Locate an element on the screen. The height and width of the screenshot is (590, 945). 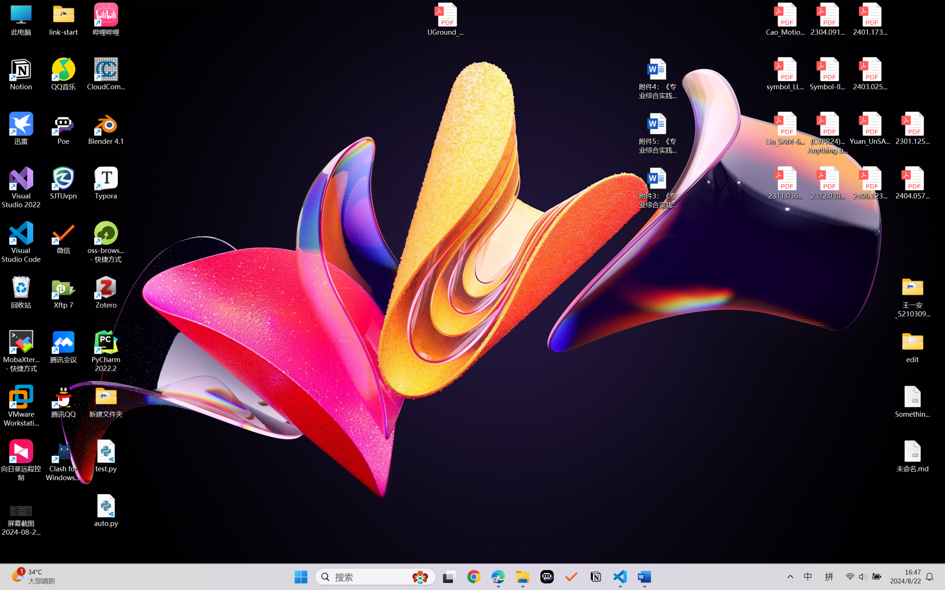
'Google Chrome' is located at coordinates (474, 577).